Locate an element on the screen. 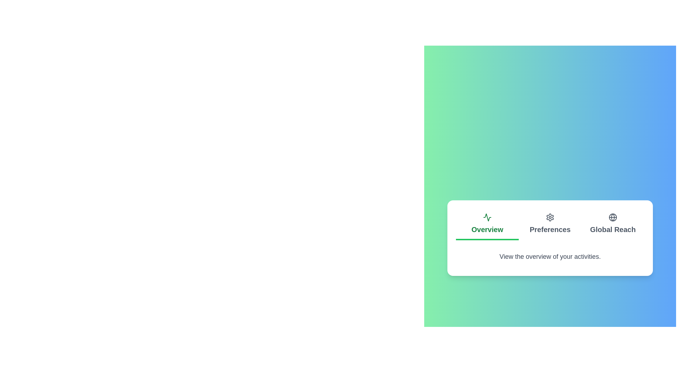  the tab with the name Global Reach is located at coordinates (613, 224).